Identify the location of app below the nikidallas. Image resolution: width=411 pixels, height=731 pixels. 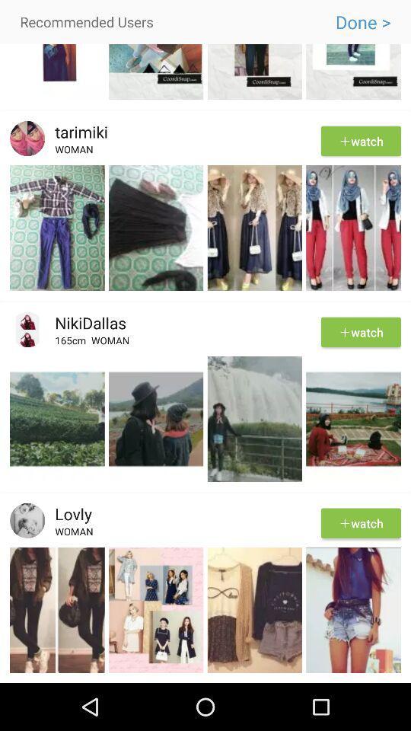
(72, 343).